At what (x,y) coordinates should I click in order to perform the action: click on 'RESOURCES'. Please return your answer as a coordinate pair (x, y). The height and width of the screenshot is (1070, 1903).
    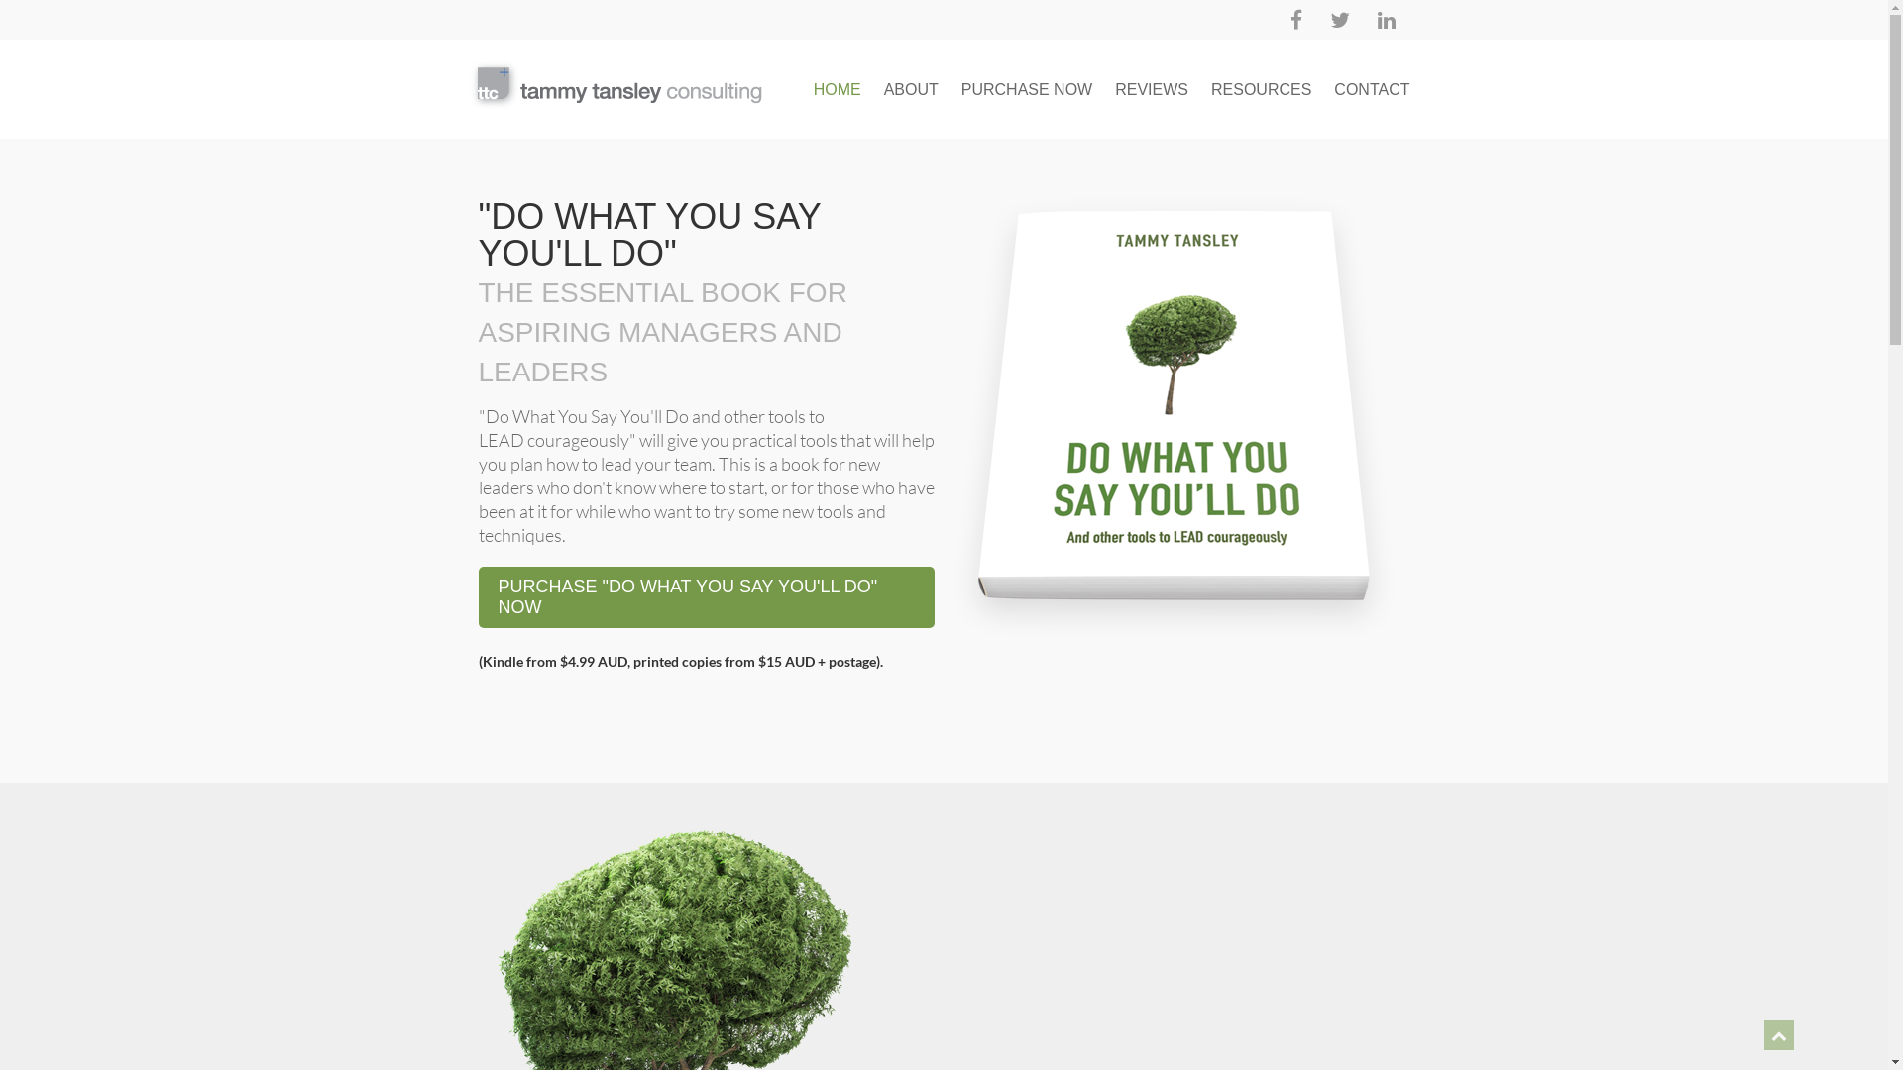
    Looking at the image, I should click on (1260, 89).